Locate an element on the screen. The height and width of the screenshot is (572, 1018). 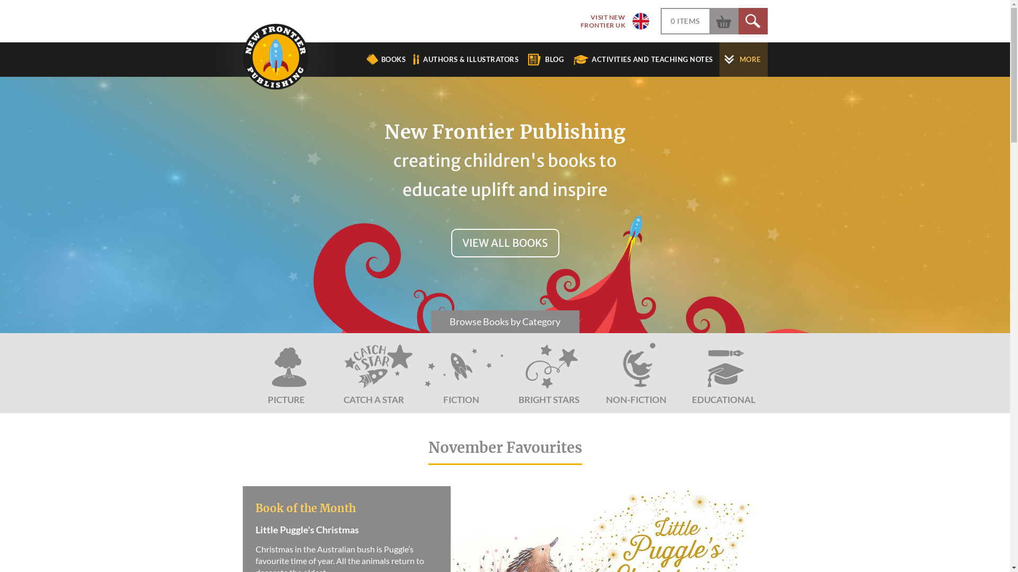
'PICTURE' is located at coordinates (286, 372).